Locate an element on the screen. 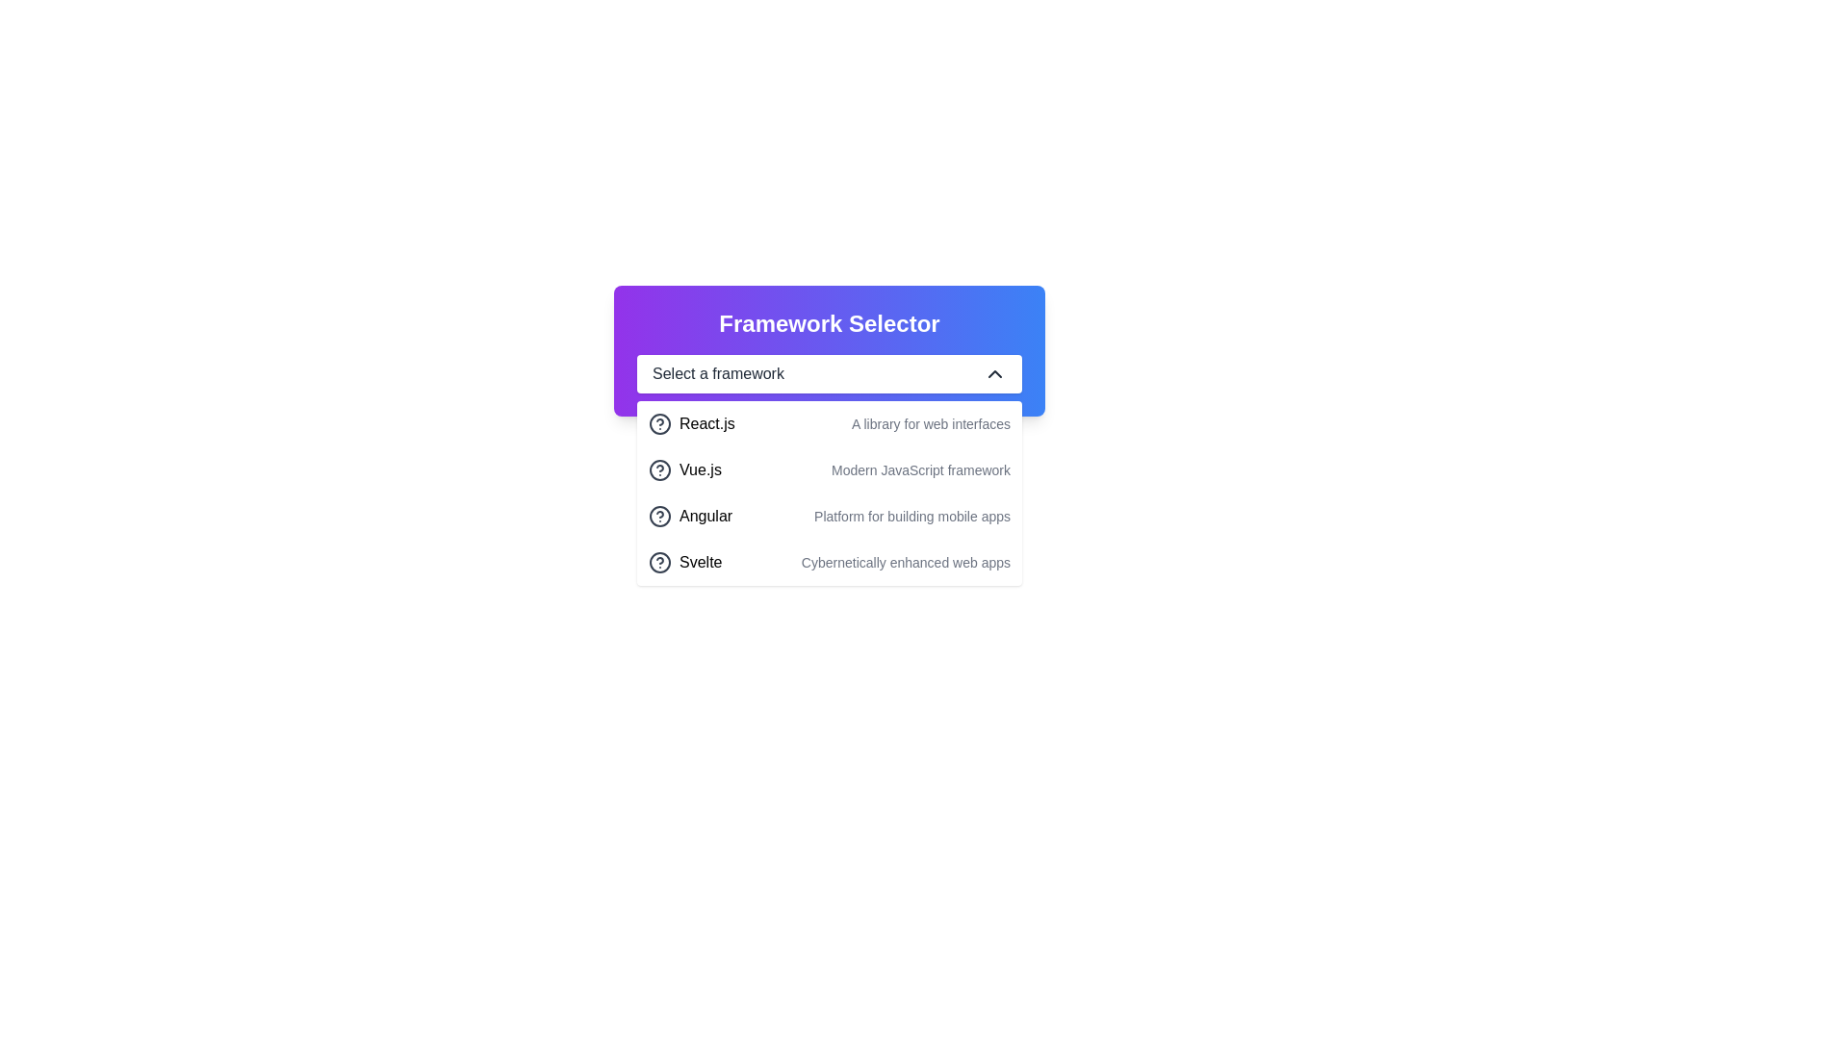 The width and height of the screenshot is (1848, 1039). the informational icon associated with the 'React.js' framework is located at coordinates (660, 422).